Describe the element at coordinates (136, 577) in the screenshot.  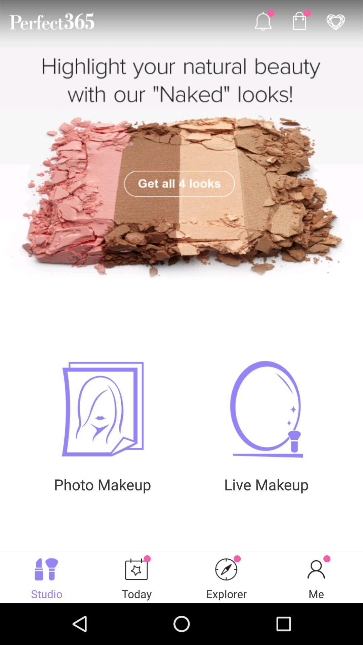
I see `the button which is next to the studio` at that location.